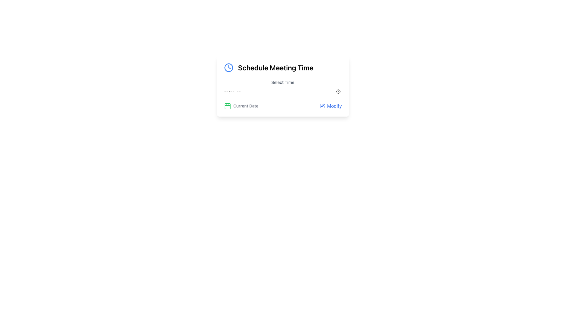  I want to click on the small square icon with a pen in its center, which is adjacent to the 'Modify' text in the button labeled 'Modify' within the card titled 'Schedule Meeting Time', so click(322, 105).